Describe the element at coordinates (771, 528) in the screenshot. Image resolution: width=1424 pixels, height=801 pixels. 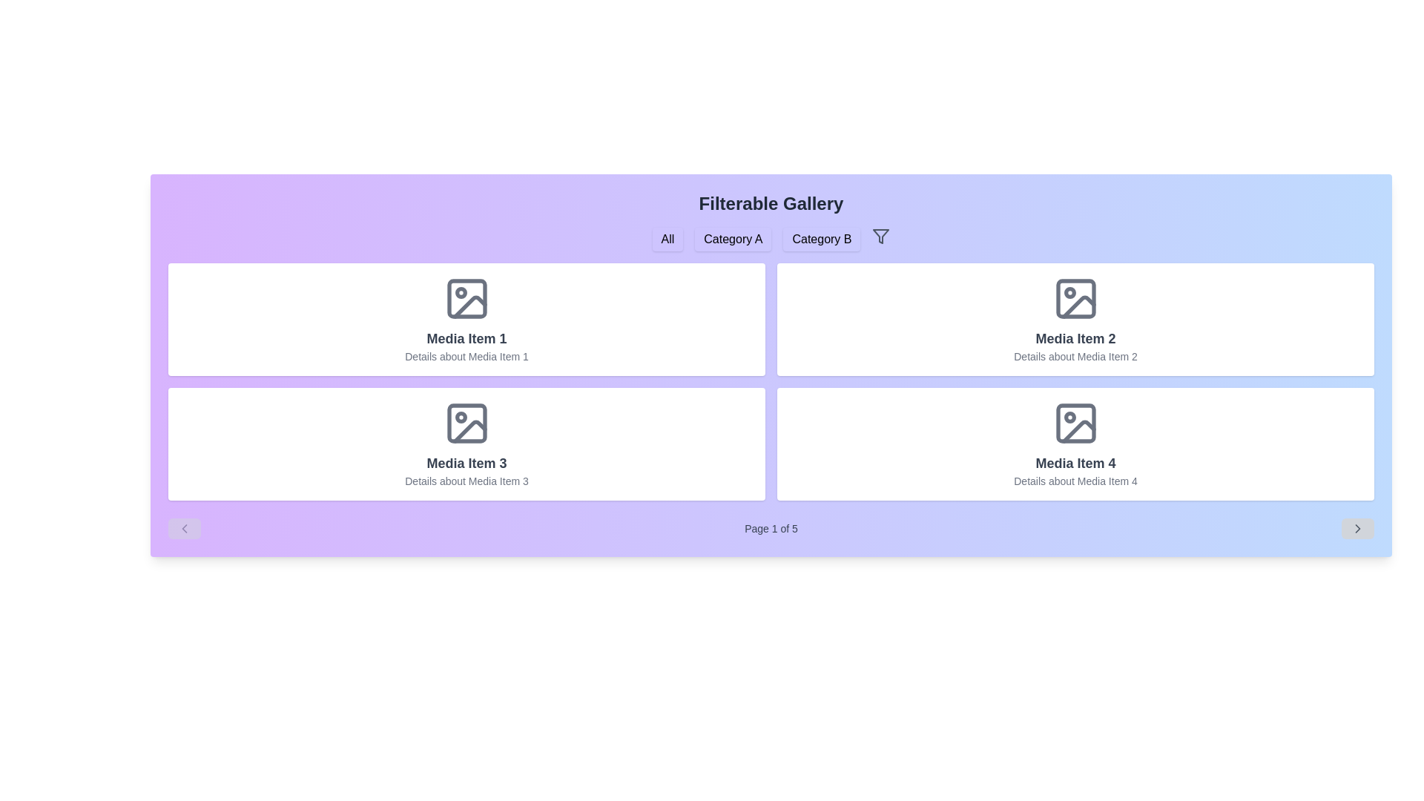
I see `the static text label that indicates the current page number and total number of pages, located centrally between the navigation buttons` at that location.